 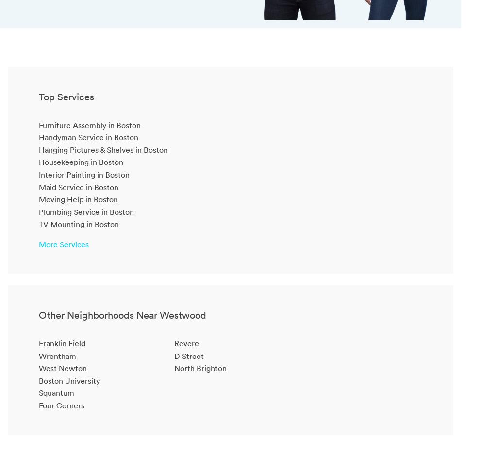 I want to click on 'Other Neighborhoods Near Westwood', so click(x=122, y=314).